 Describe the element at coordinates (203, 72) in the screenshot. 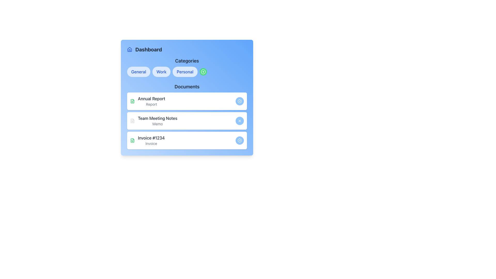

I see `the circular green button with a white plus symbol located to the right of the 'Personal' tag in the 'Categories' section` at that location.